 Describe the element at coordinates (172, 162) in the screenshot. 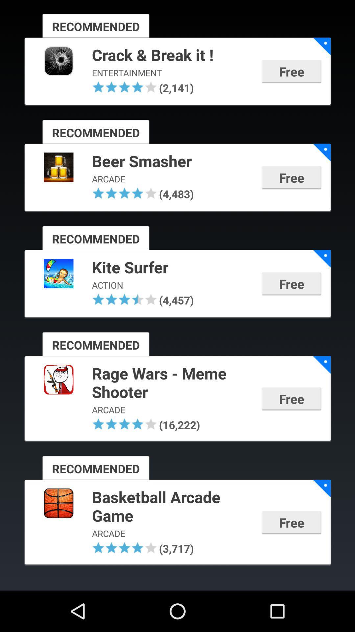

I see `the app above arcade app` at that location.